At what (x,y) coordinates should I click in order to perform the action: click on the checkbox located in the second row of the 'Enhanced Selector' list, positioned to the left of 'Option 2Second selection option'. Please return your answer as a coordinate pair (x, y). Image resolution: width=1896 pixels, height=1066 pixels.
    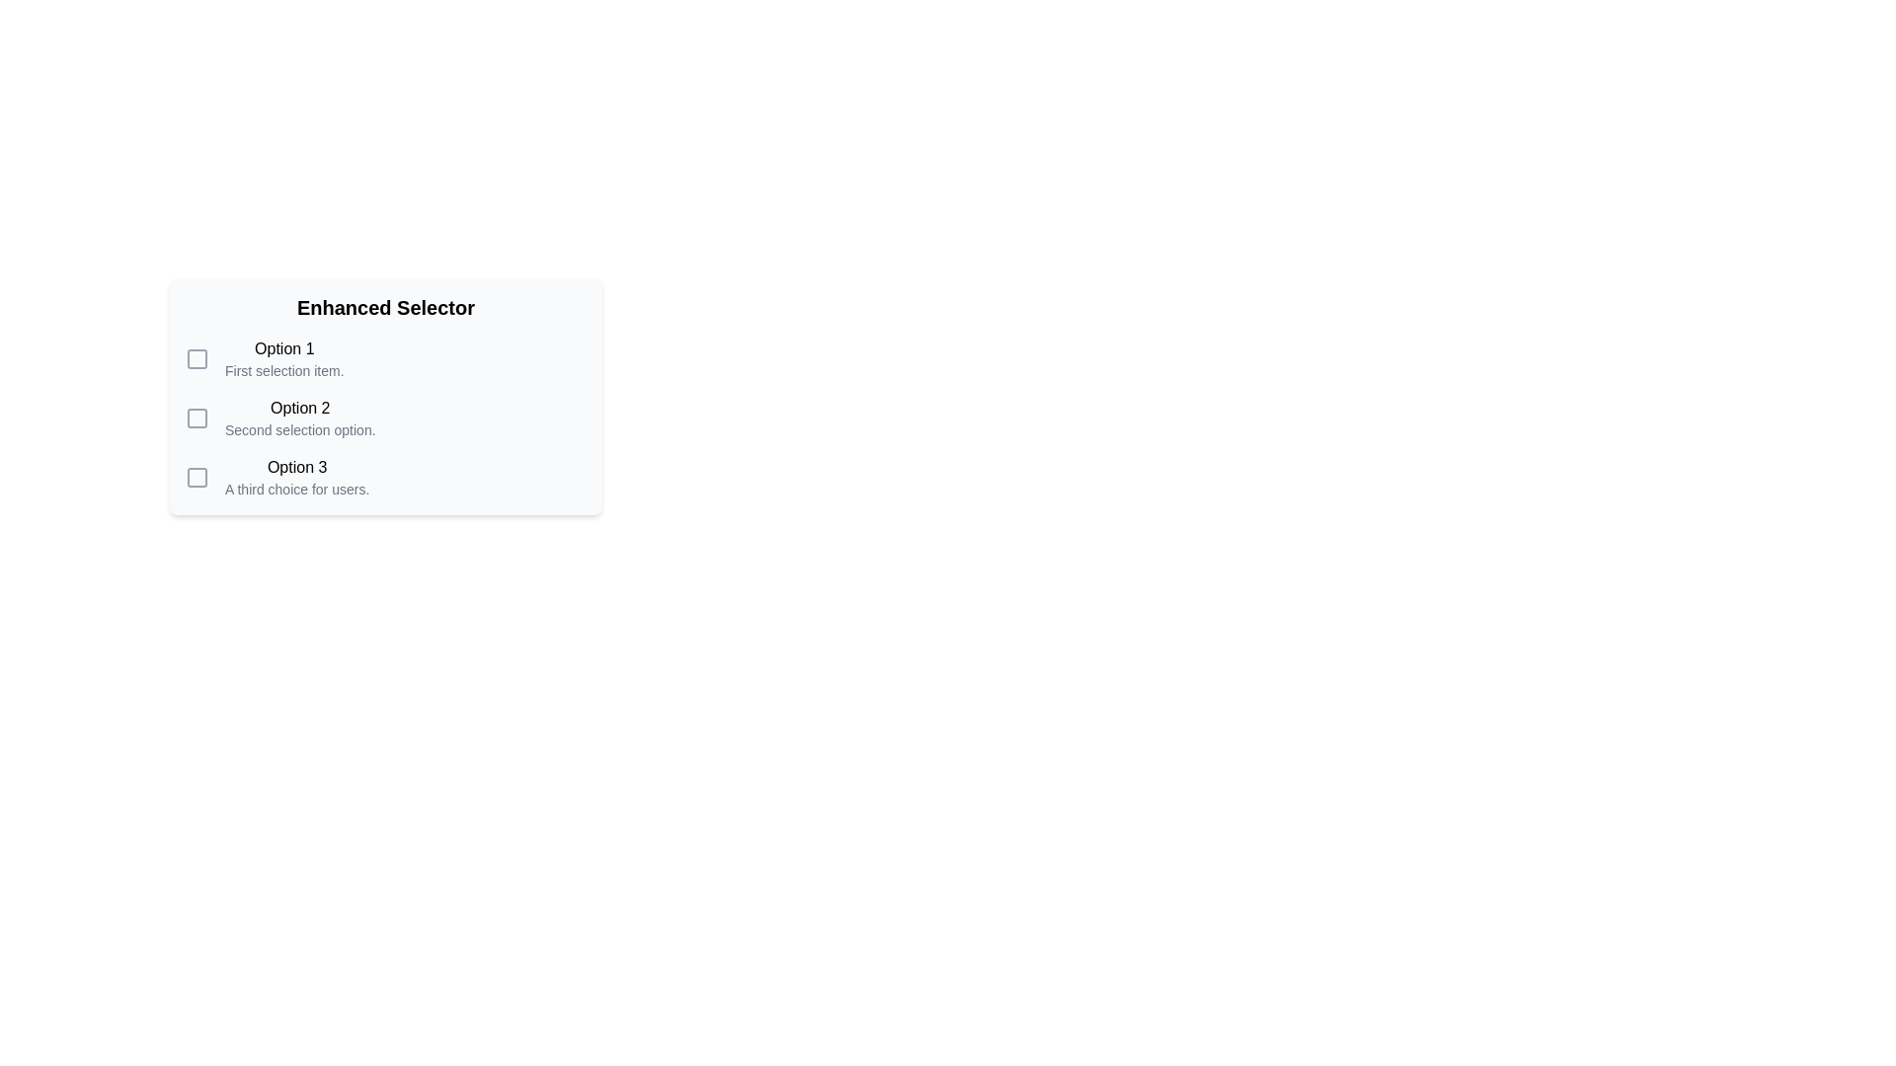
    Looking at the image, I should click on (197, 418).